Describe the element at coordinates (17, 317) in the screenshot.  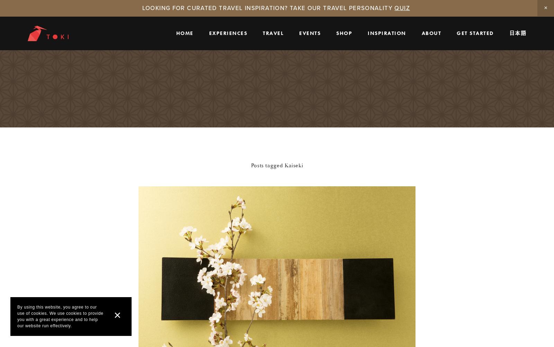
I see `'By using this website, you agree to our use of cookies. We use cookies to provide you with a great experience and to help our website run effectively.'` at that location.